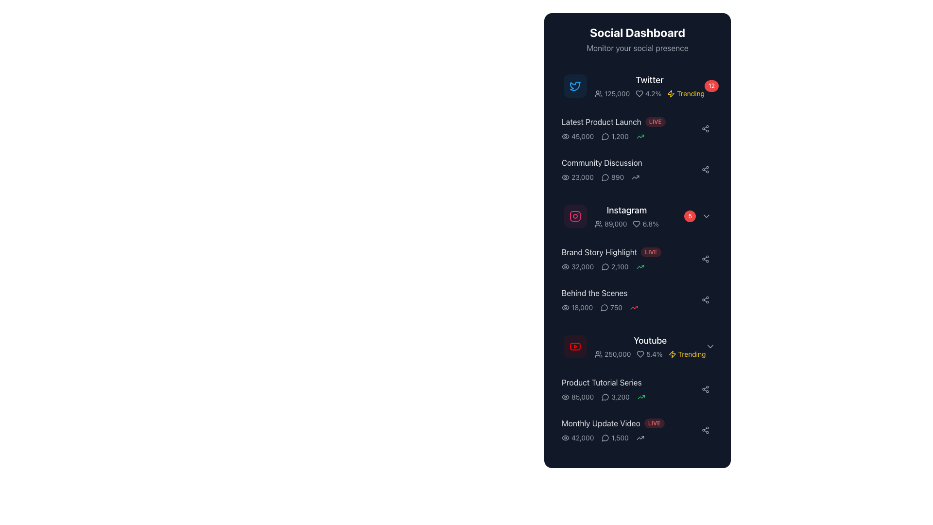  What do you see at coordinates (604, 308) in the screenshot?
I see `the speech bubble icon part of the SVG graphic located to the left of the statistic in the dashboard UI` at bounding box center [604, 308].